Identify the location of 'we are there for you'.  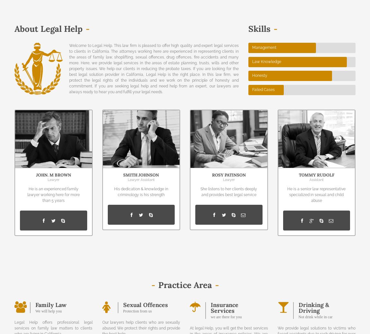
(226, 316).